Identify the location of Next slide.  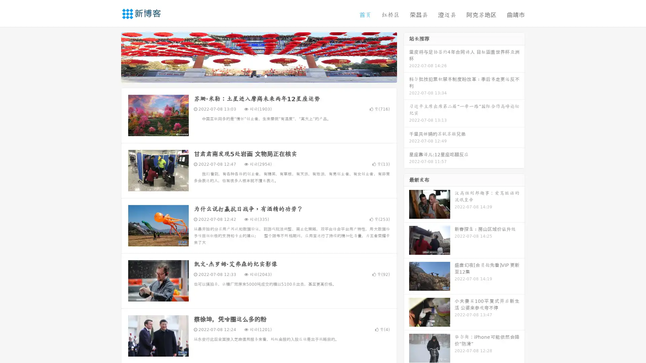
(406, 56).